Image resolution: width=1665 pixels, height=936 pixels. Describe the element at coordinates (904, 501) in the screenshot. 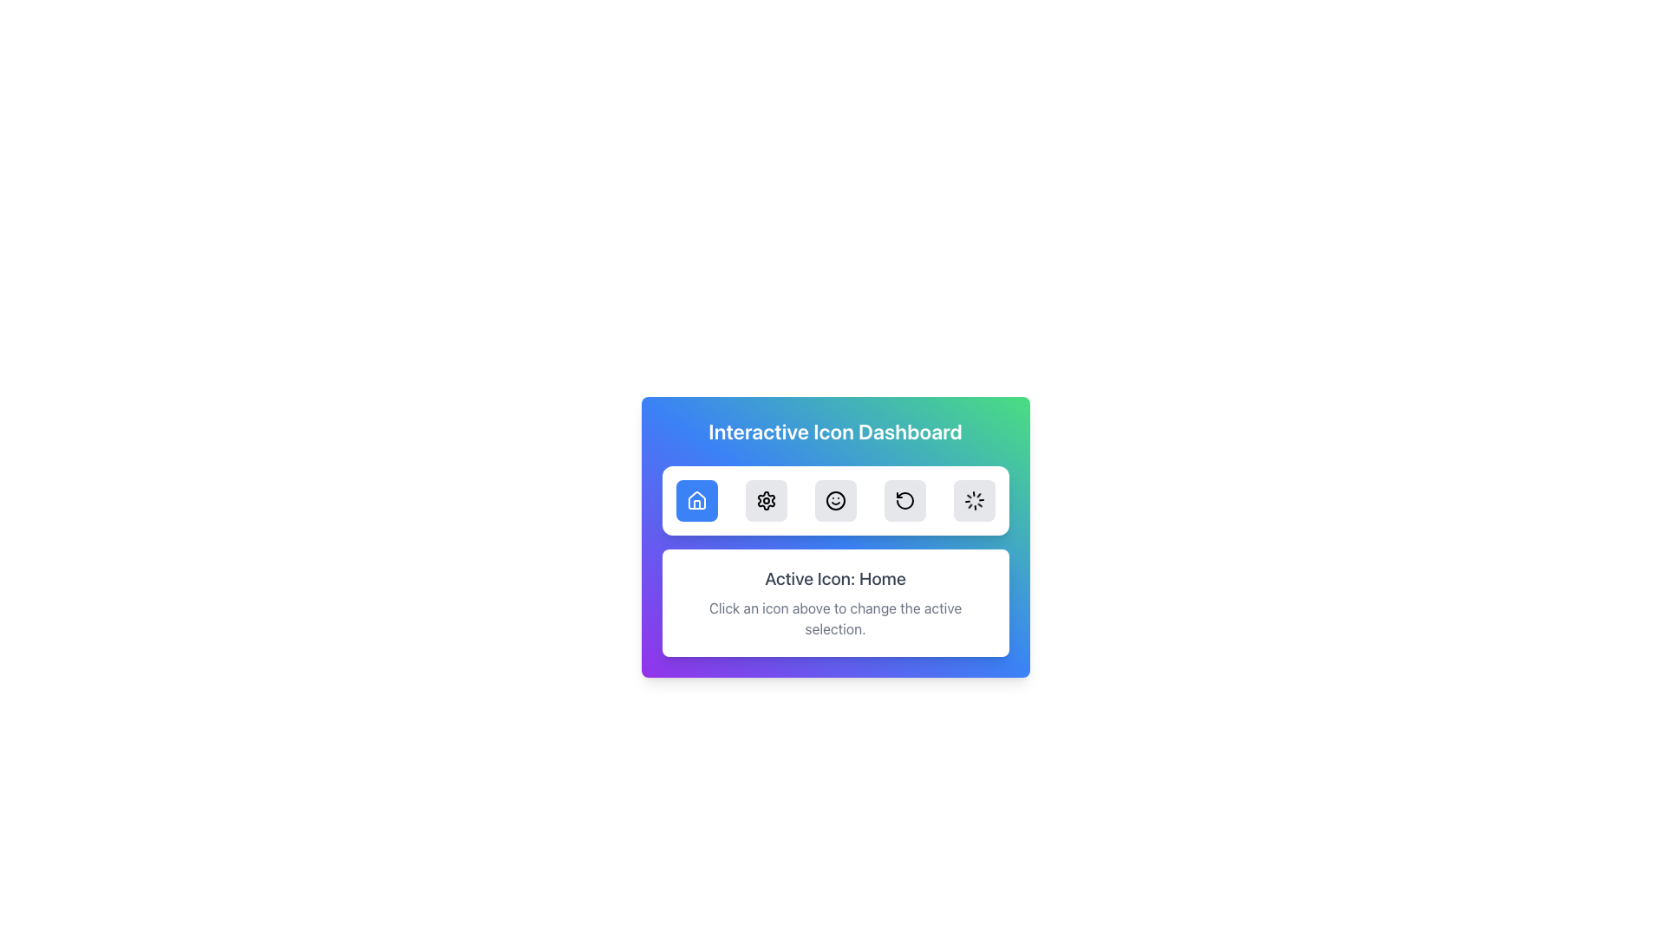

I see `the gray button with rounded corners that contains a black circular arrow icon pointing counterclockwise` at that location.